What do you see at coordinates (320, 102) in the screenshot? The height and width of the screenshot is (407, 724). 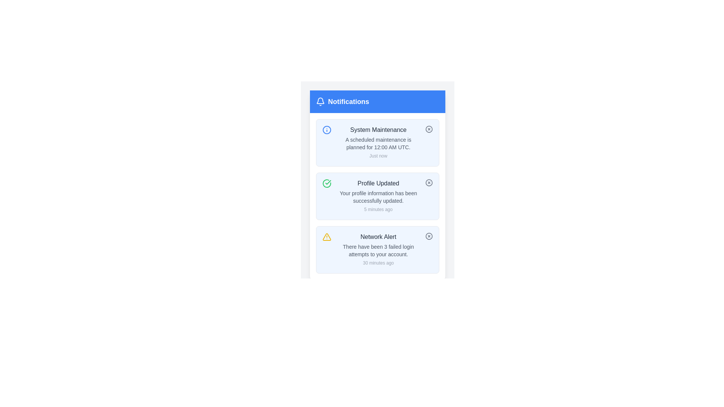 I see `the notification bell SVG icon, which is white on a blue background and located at the top-left corner of the notification banner` at bounding box center [320, 102].